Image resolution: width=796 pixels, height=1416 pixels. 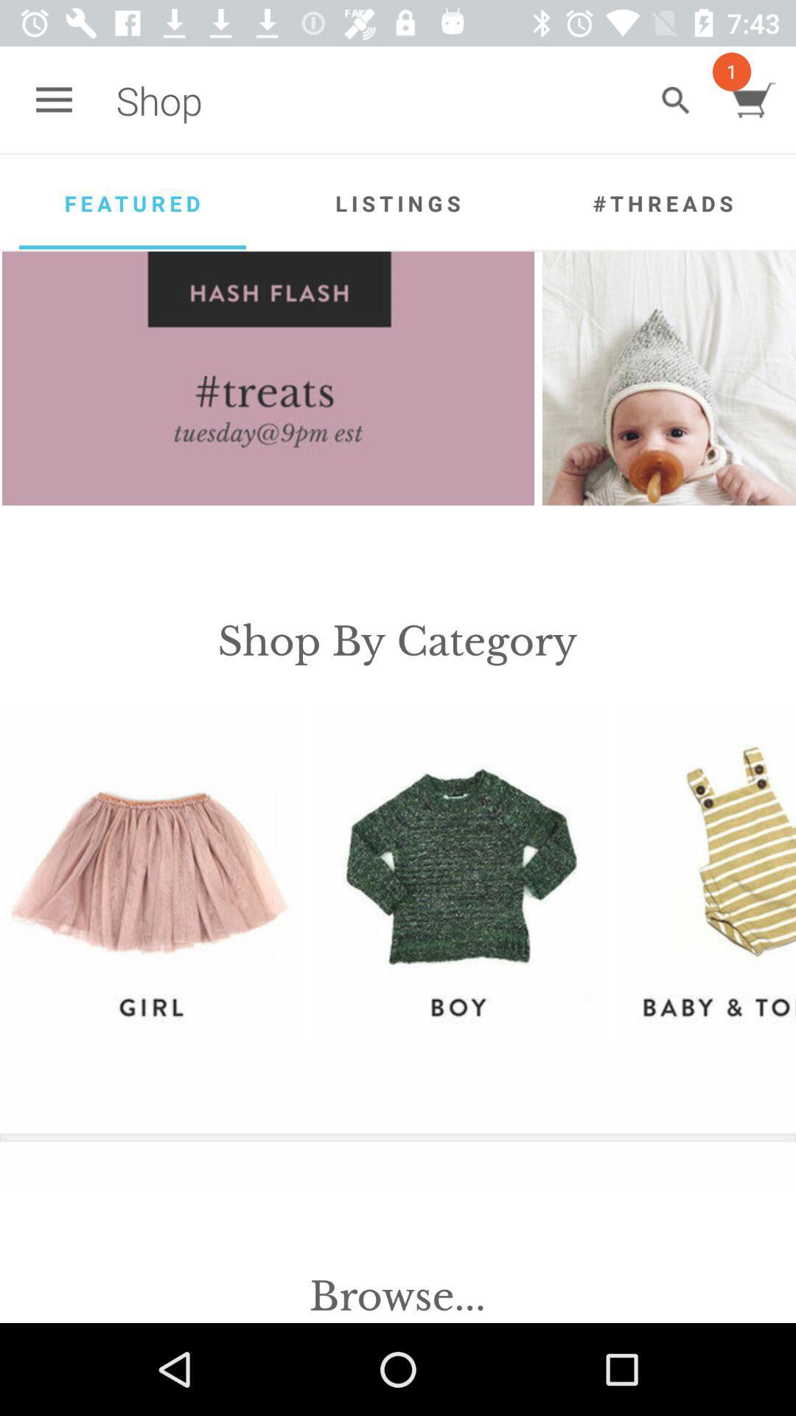 What do you see at coordinates (675, 100) in the screenshot?
I see `the picture` at bounding box center [675, 100].